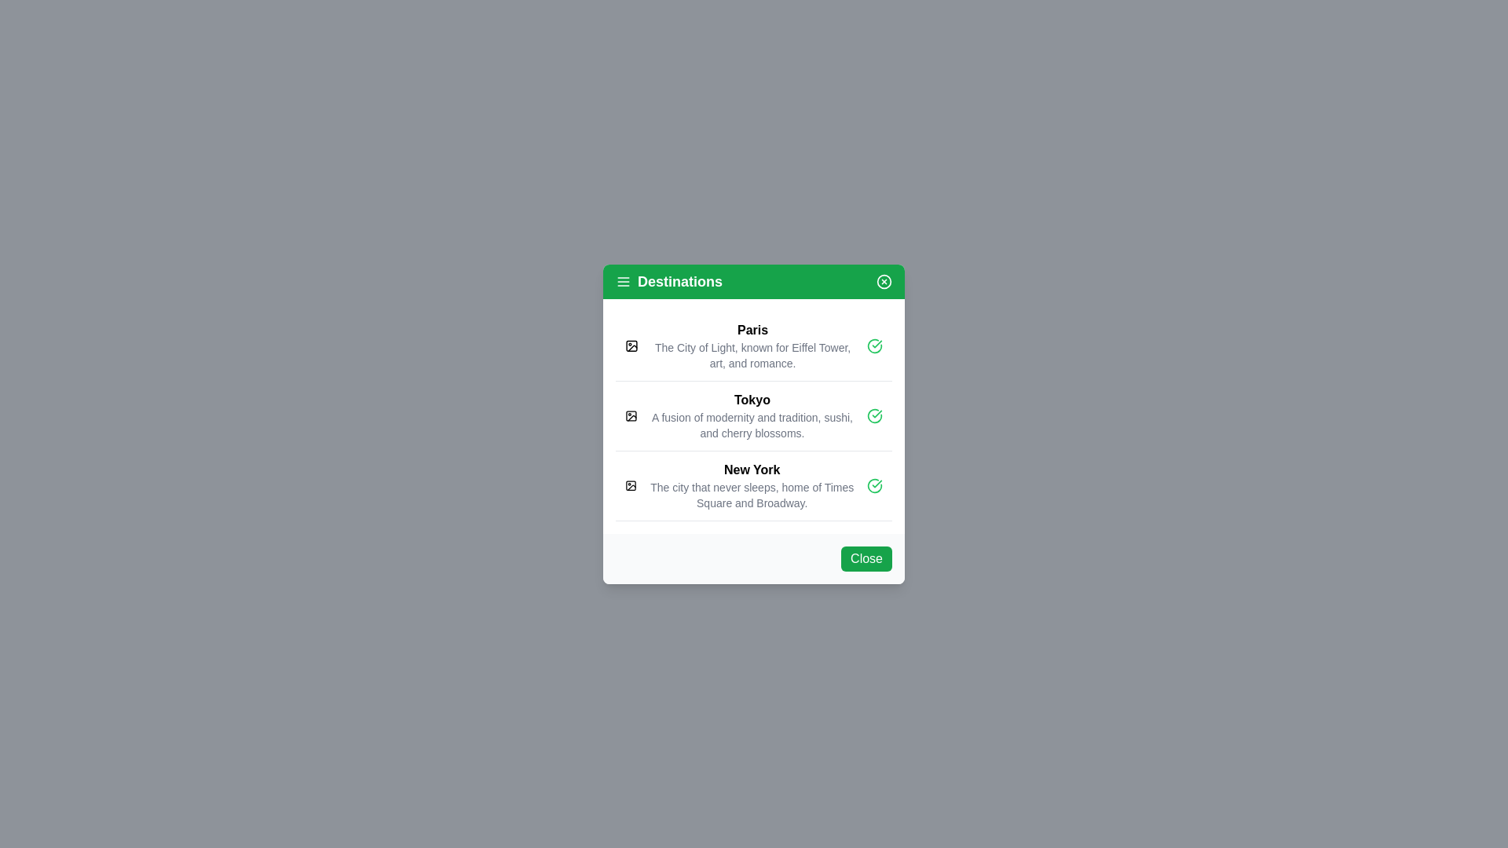 This screenshot has height=848, width=1508. I want to click on the circular close icon located in the top-right corner of the green bar containing 'Destinations', which features a centered cross mark, so click(884, 280).